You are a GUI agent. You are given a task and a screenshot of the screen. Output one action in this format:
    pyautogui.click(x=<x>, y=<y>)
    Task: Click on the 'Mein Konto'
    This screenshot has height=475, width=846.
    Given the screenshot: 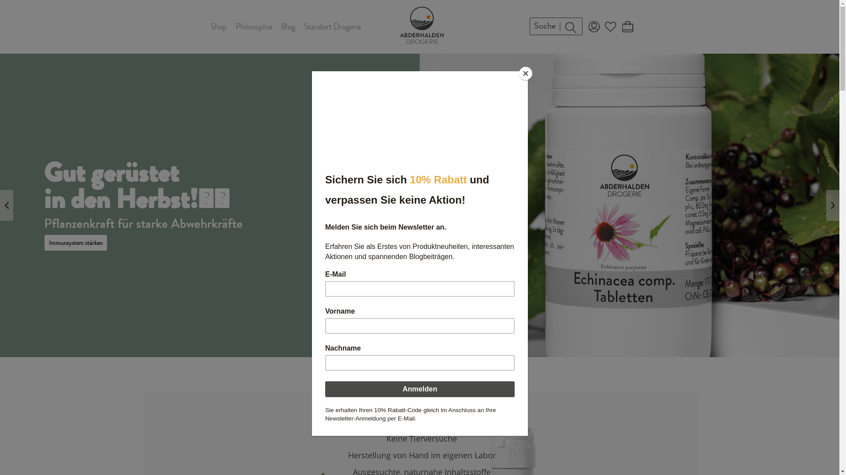 What is the action you would take?
    pyautogui.click(x=594, y=26)
    